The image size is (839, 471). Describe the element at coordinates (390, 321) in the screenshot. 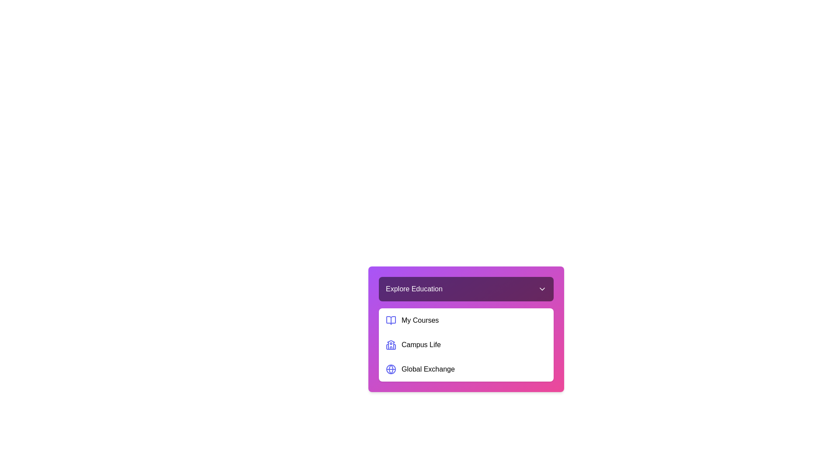

I see `the right-hand page of the open book icon in the 'My Courses' section` at that location.